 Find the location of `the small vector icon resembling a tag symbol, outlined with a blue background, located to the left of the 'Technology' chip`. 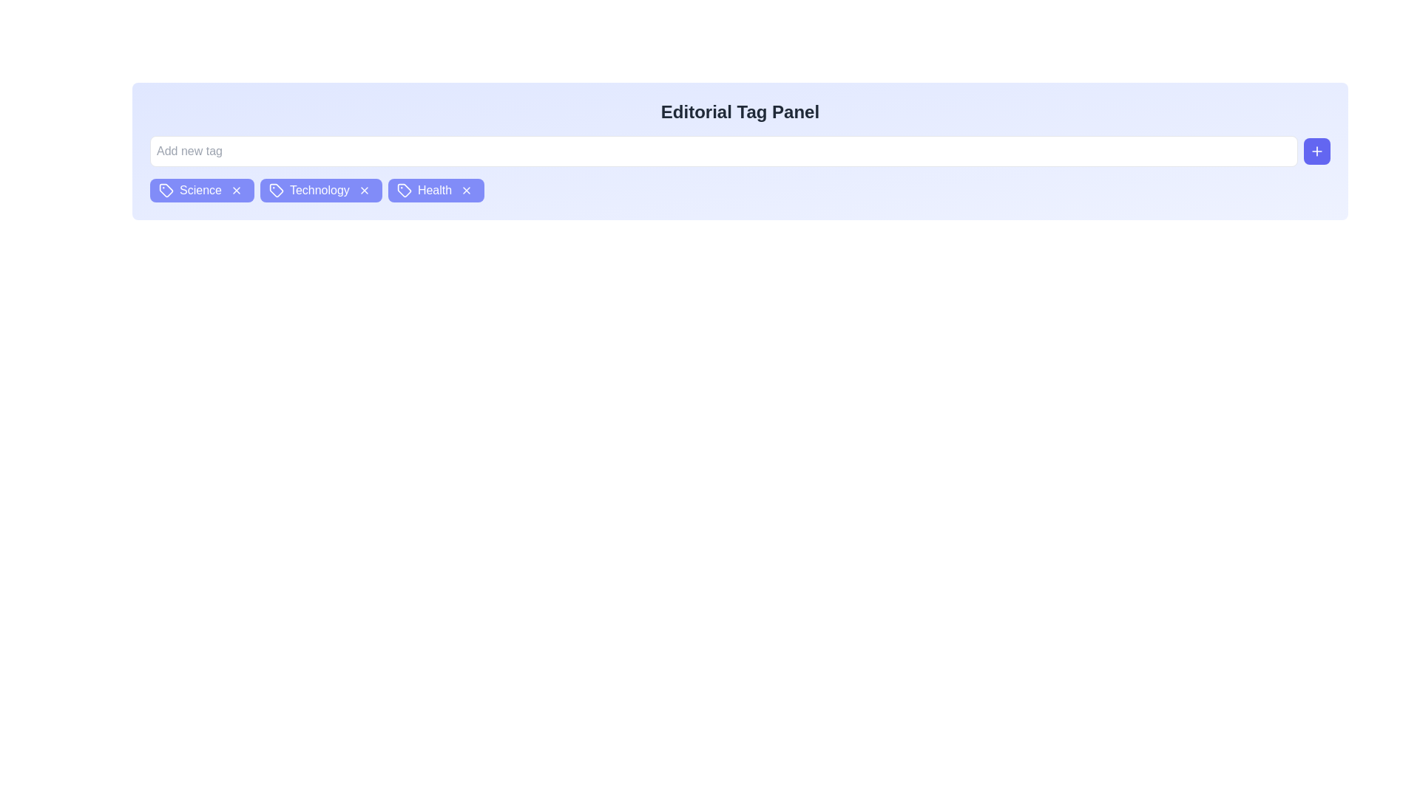

the small vector icon resembling a tag symbol, outlined with a blue background, located to the left of the 'Technology' chip is located at coordinates (277, 190).